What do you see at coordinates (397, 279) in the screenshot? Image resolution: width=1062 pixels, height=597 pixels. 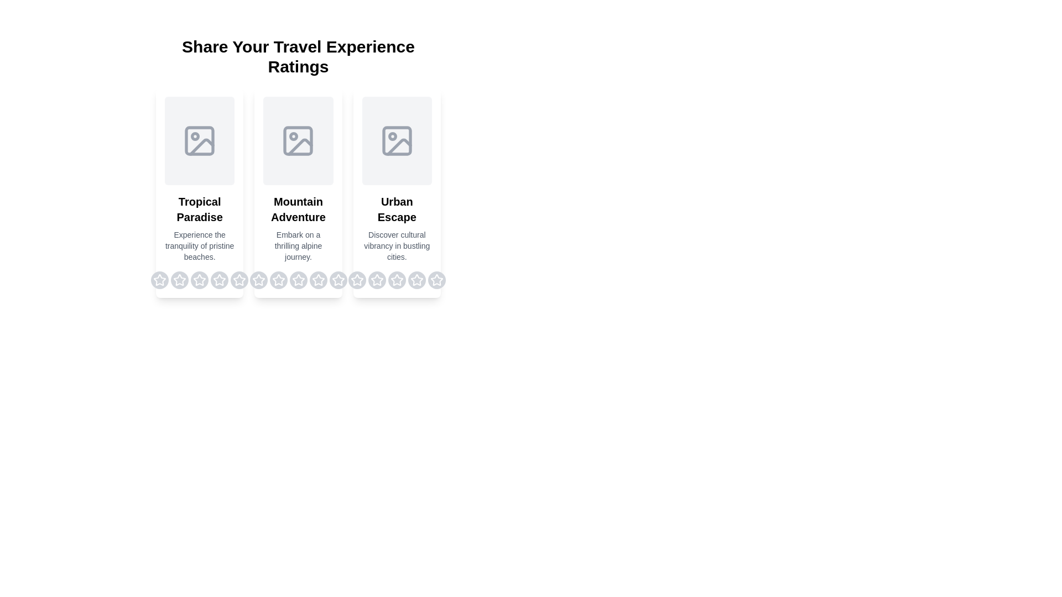 I see `the rating for a destination to 3 stars by clicking on the corresponding star for the destination Urban Escape` at bounding box center [397, 279].